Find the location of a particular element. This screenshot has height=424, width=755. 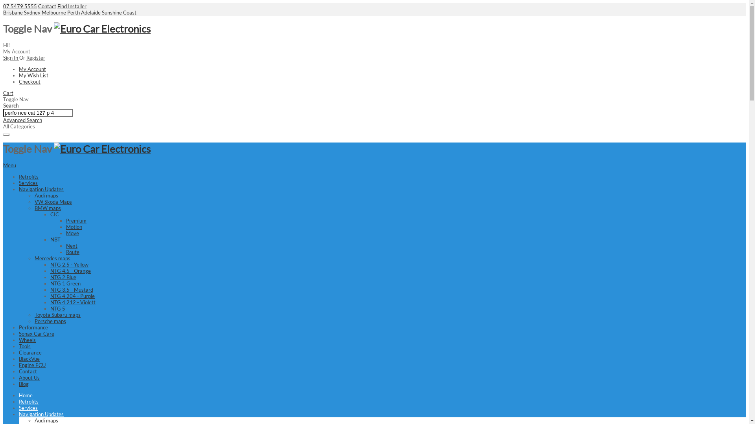

'Toyota Subaru maps' is located at coordinates (57, 314).